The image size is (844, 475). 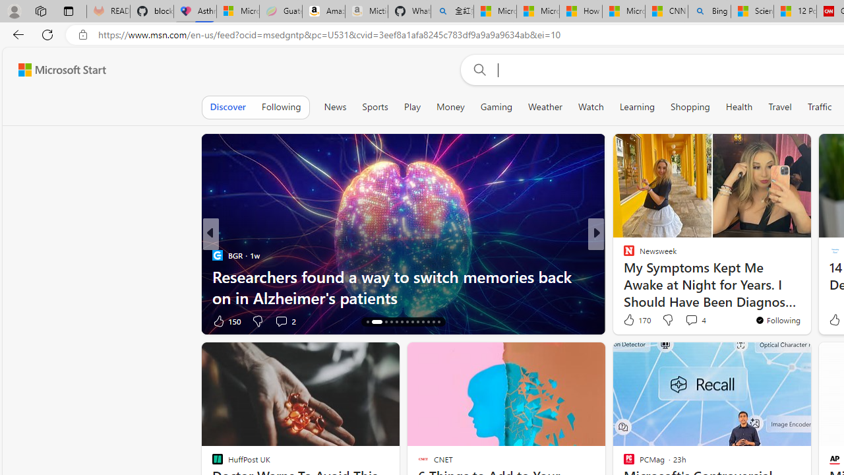 What do you see at coordinates (636, 319) in the screenshot?
I see `'170 Like'` at bounding box center [636, 319].